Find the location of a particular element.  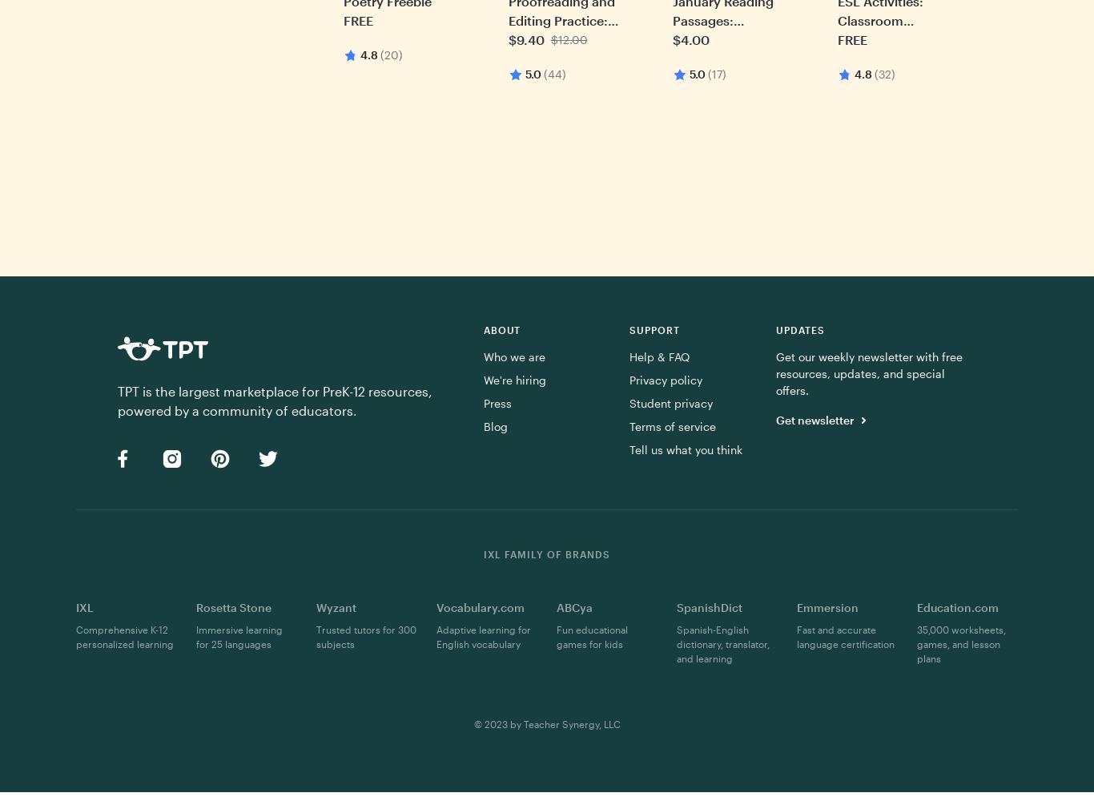

'Tell us what you think' is located at coordinates (629, 449).